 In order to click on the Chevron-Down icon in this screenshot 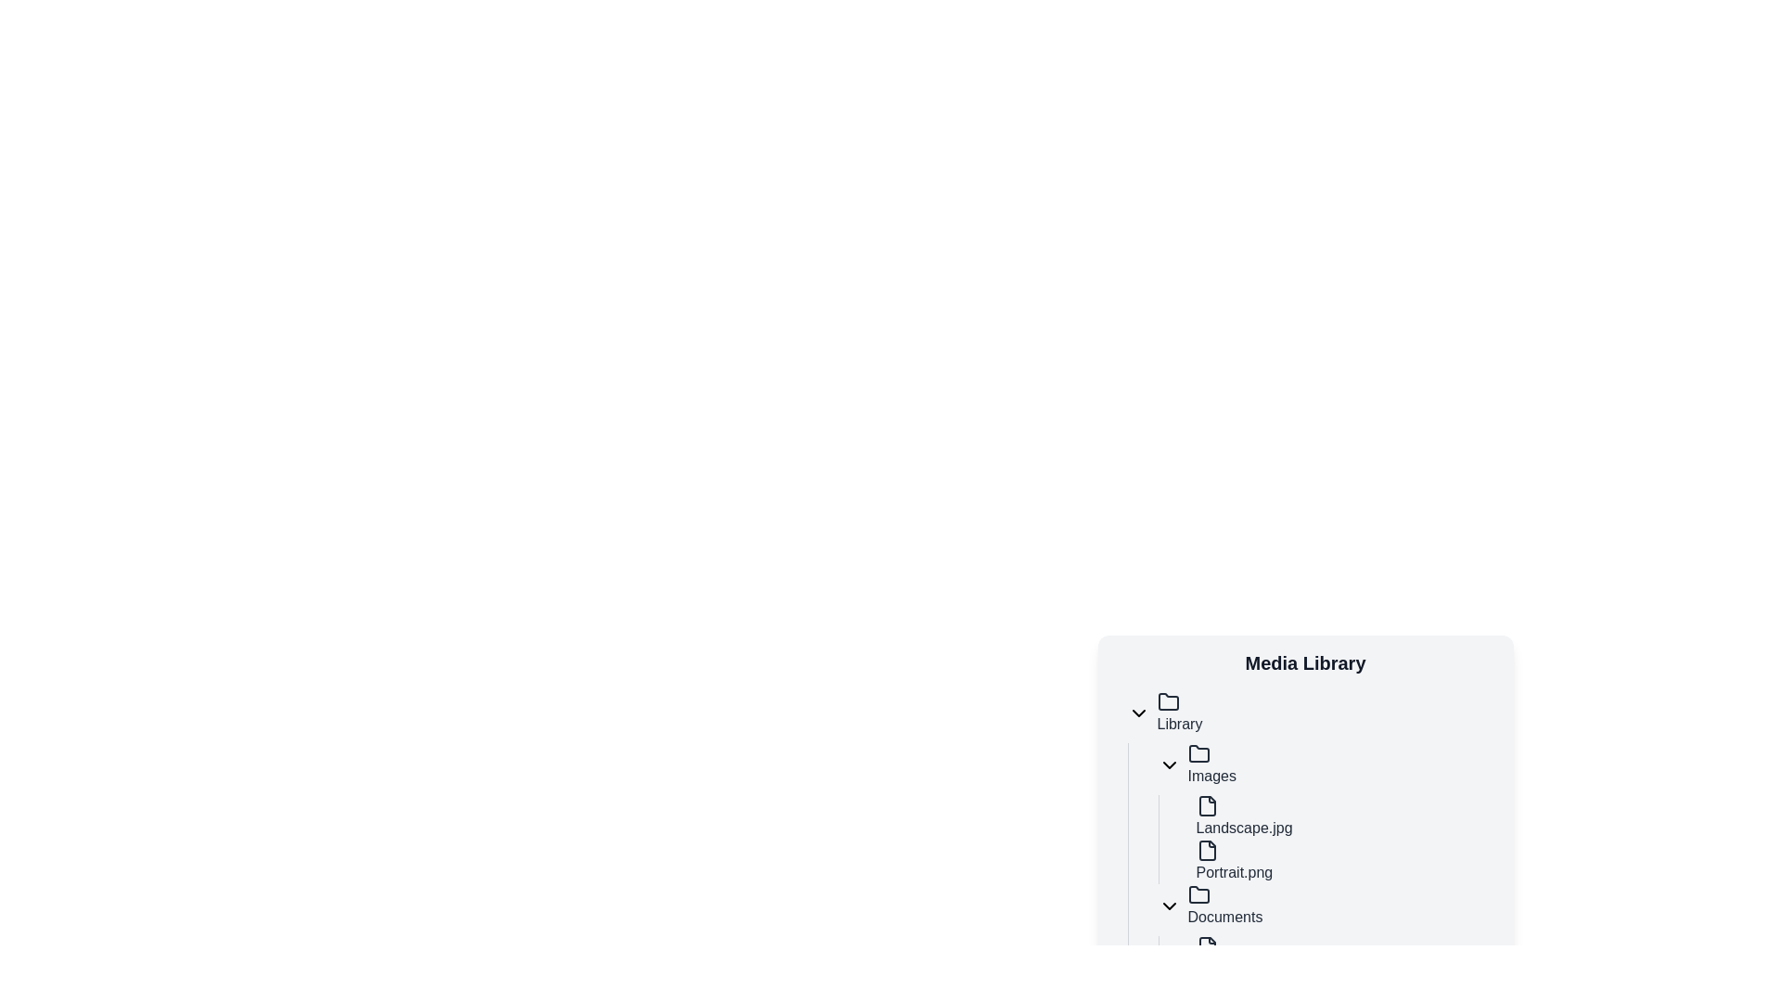, I will do `click(1168, 905)`.